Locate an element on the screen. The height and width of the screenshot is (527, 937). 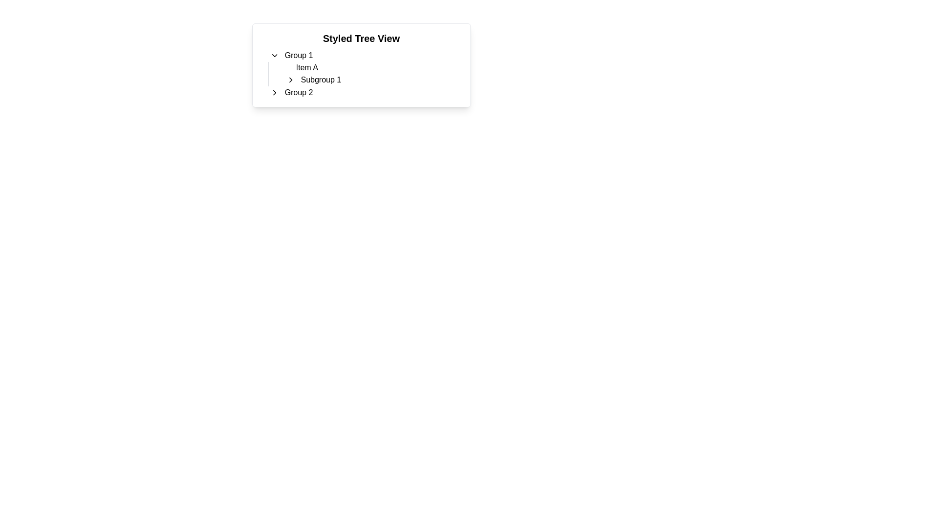
the downward-pointing chevron icon next to the 'Group 1' label is located at coordinates (274, 56).